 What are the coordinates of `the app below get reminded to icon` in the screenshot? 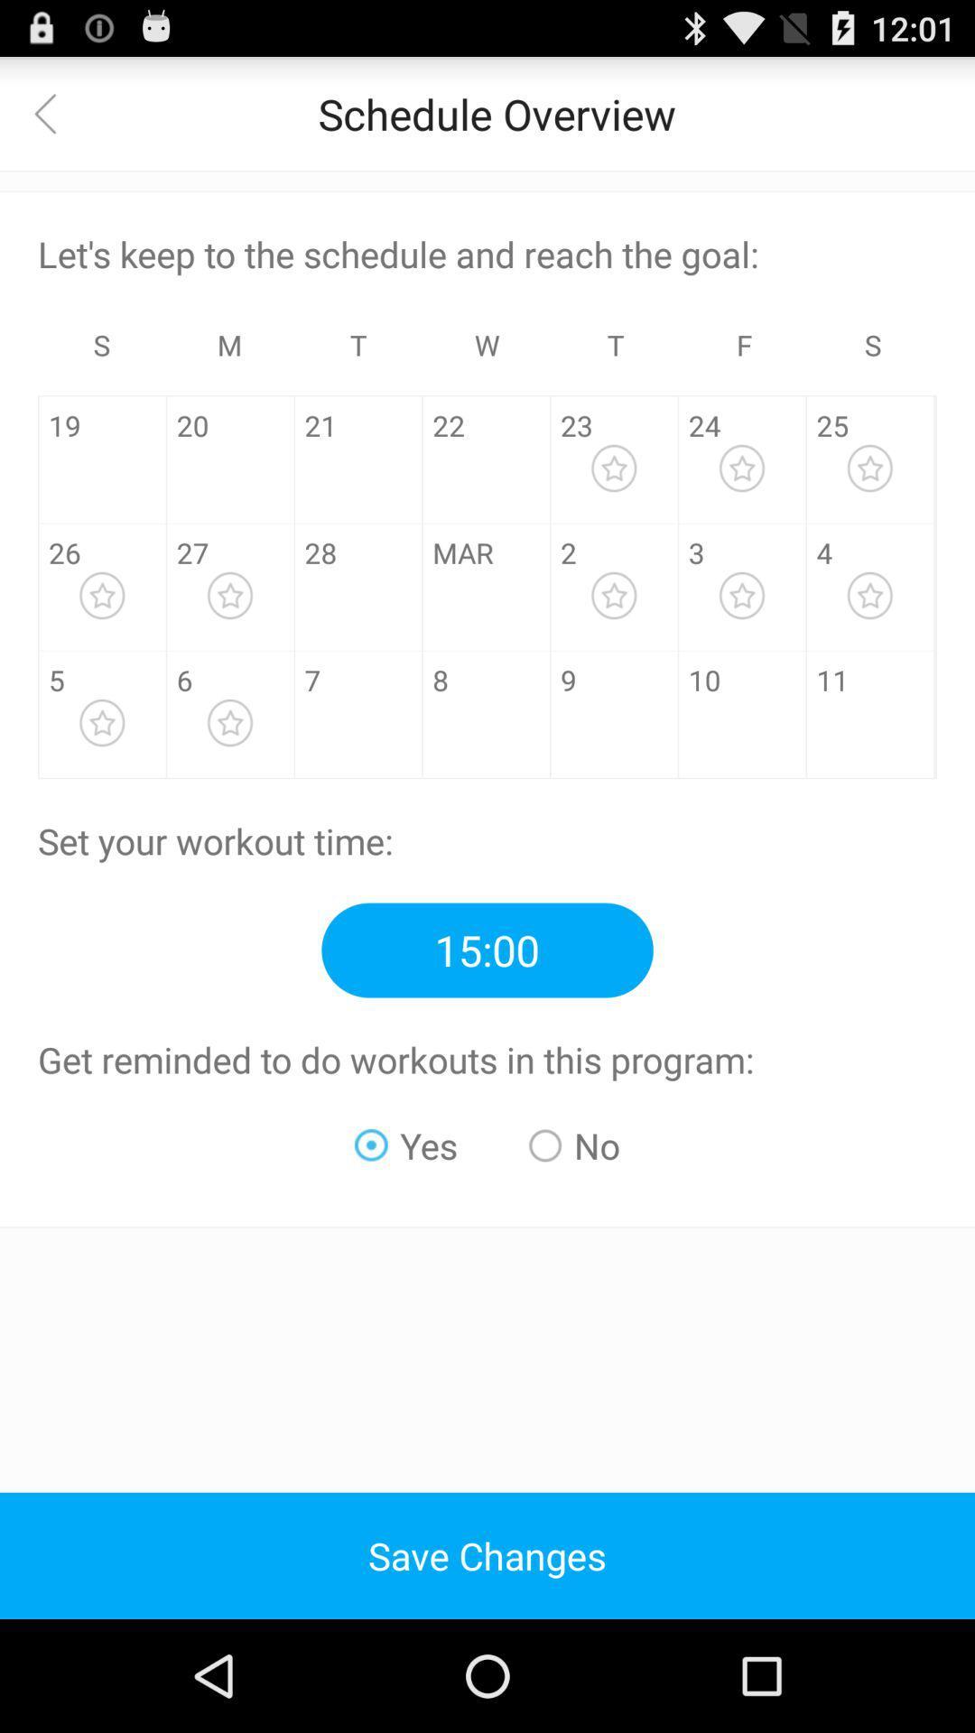 It's located at (406, 1145).